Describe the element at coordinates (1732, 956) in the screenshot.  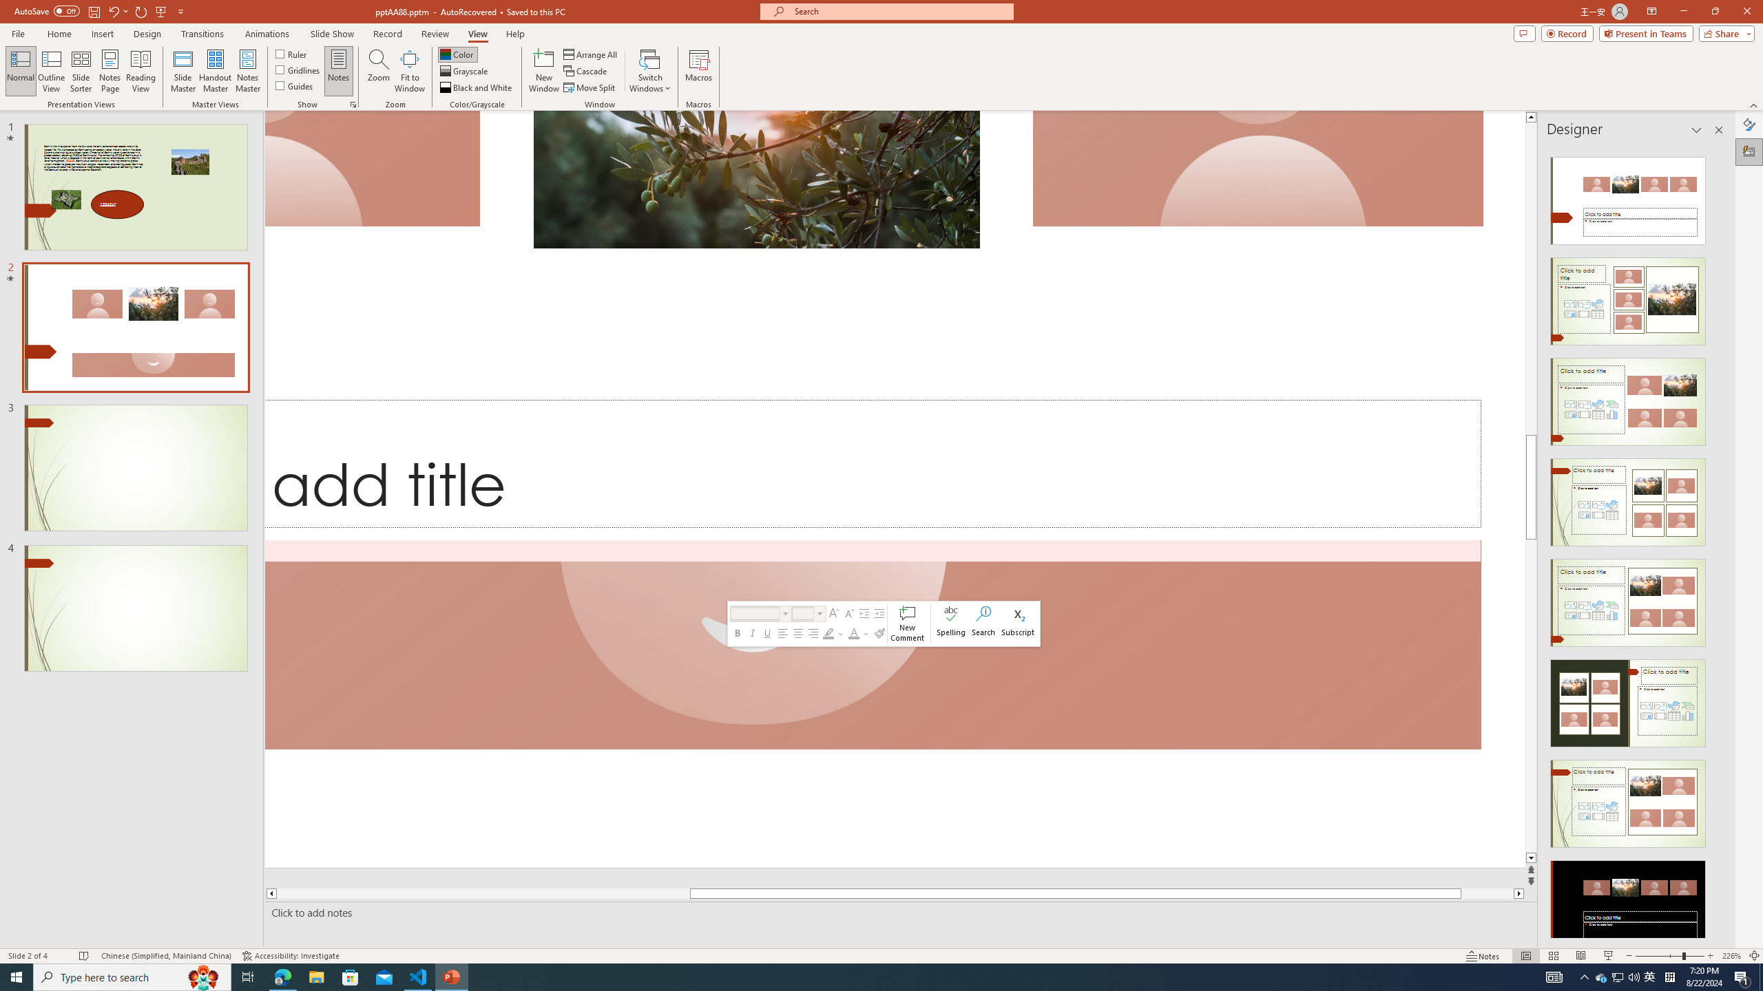
I see `'Zoom 226%'` at that location.